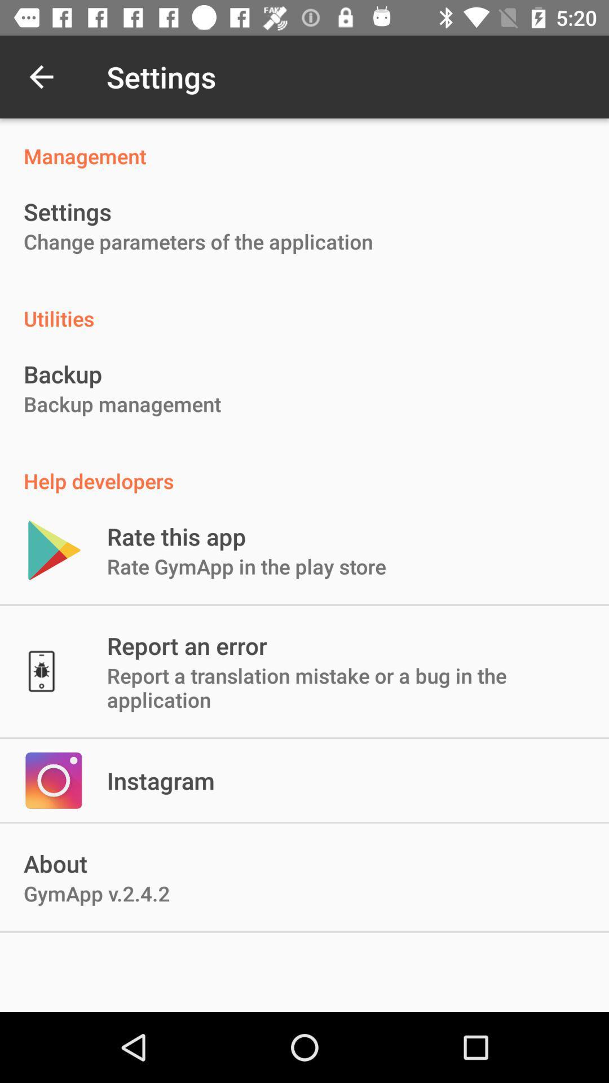 Image resolution: width=609 pixels, height=1083 pixels. Describe the element at coordinates (197, 241) in the screenshot. I see `the change parameters of` at that location.